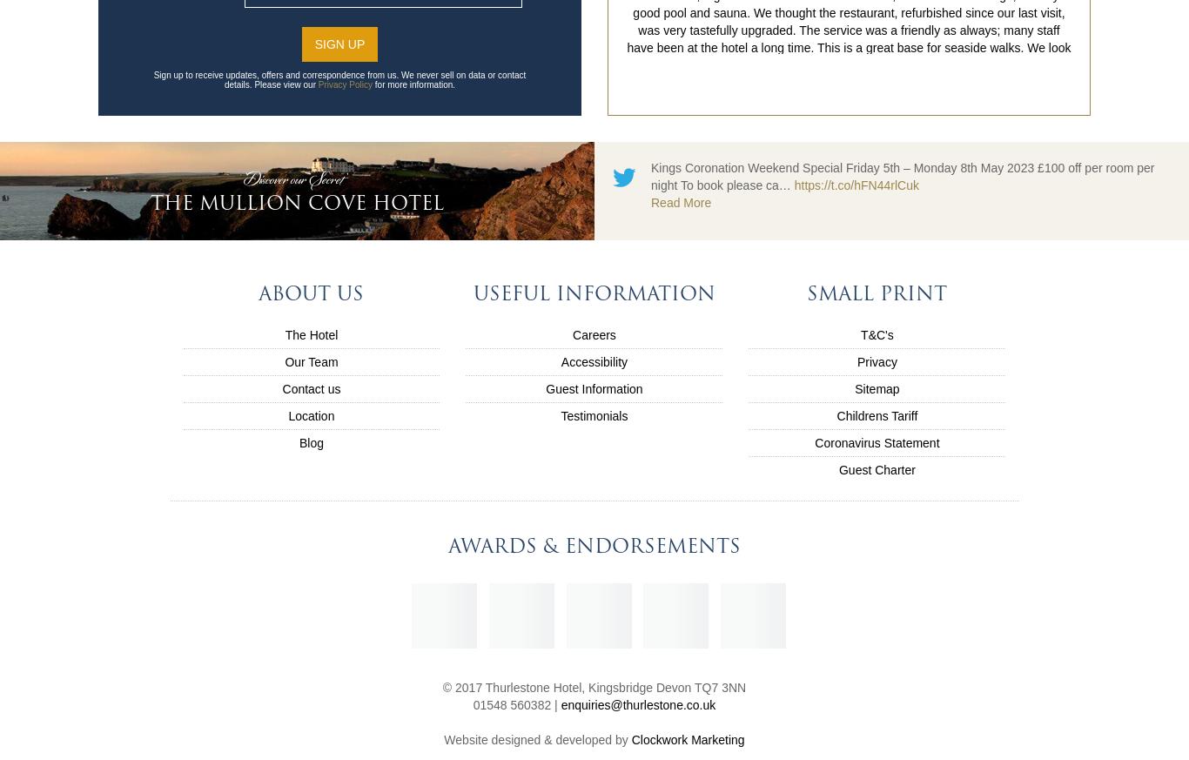  What do you see at coordinates (877, 293) in the screenshot?
I see `'Small Print'` at bounding box center [877, 293].